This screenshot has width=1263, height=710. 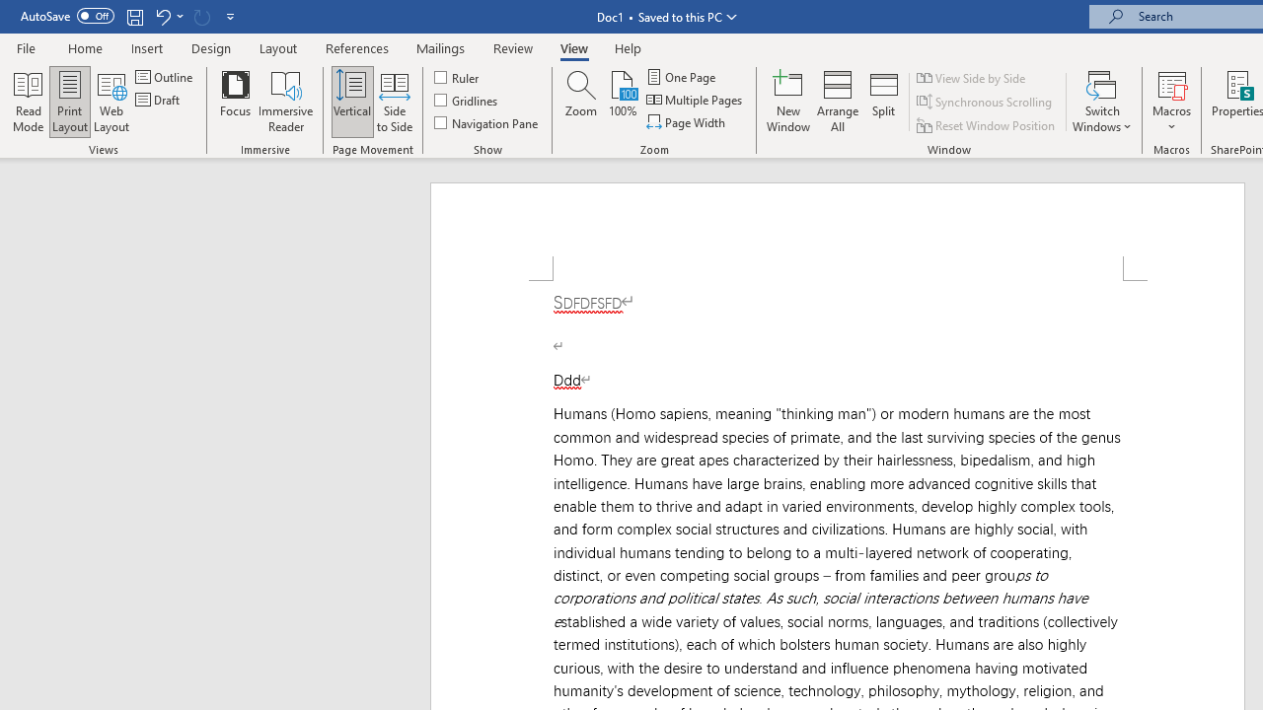 What do you see at coordinates (987, 125) in the screenshot?
I see `'Reset Window Position'` at bounding box center [987, 125].